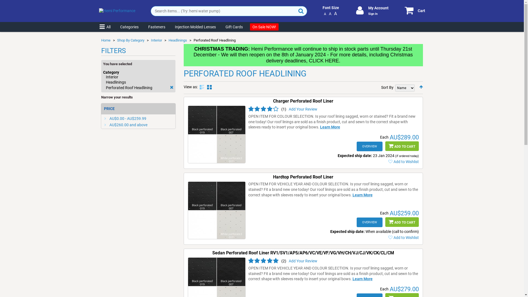  Describe the element at coordinates (171, 87) in the screenshot. I see `'Remove This Item'` at that location.